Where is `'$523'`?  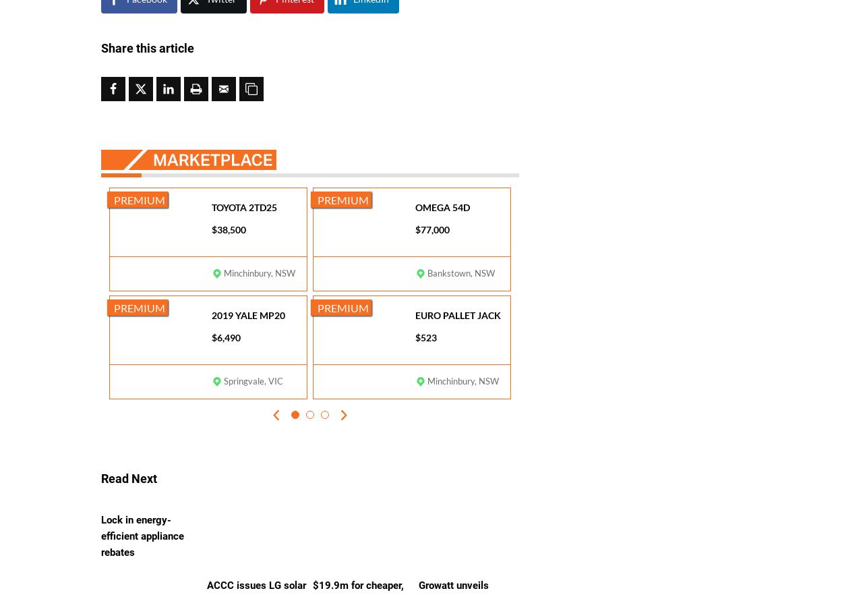 '$523' is located at coordinates (425, 337).